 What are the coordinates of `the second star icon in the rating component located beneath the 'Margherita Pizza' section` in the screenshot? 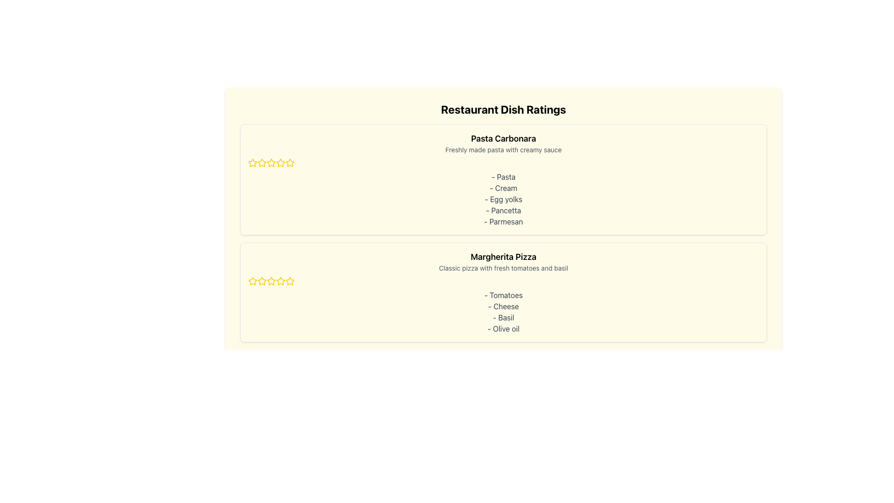 It's located at (280, 280).